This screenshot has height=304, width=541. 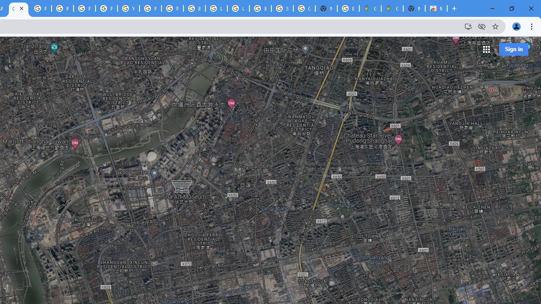 What do you see at coordinates (40, 8) in the screenshot?
I see `'Policy Accountability and Transparency - Transparency Center'` at bounding box center [40, 8].